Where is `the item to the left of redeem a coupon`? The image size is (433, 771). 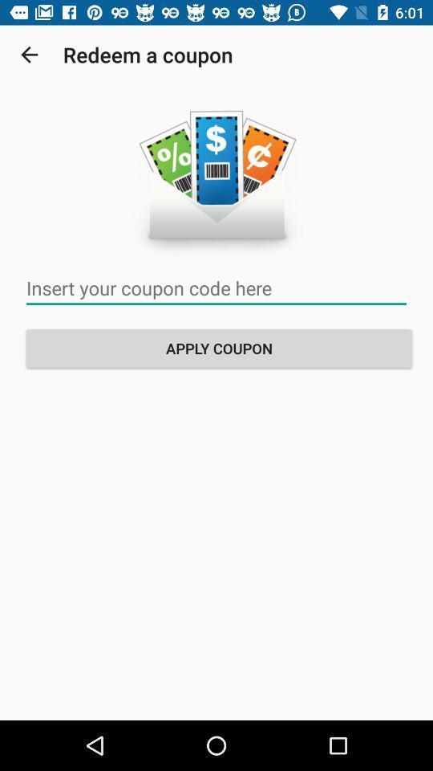
the item to the left of redeem a coupon is located at coordinates (29, 55).